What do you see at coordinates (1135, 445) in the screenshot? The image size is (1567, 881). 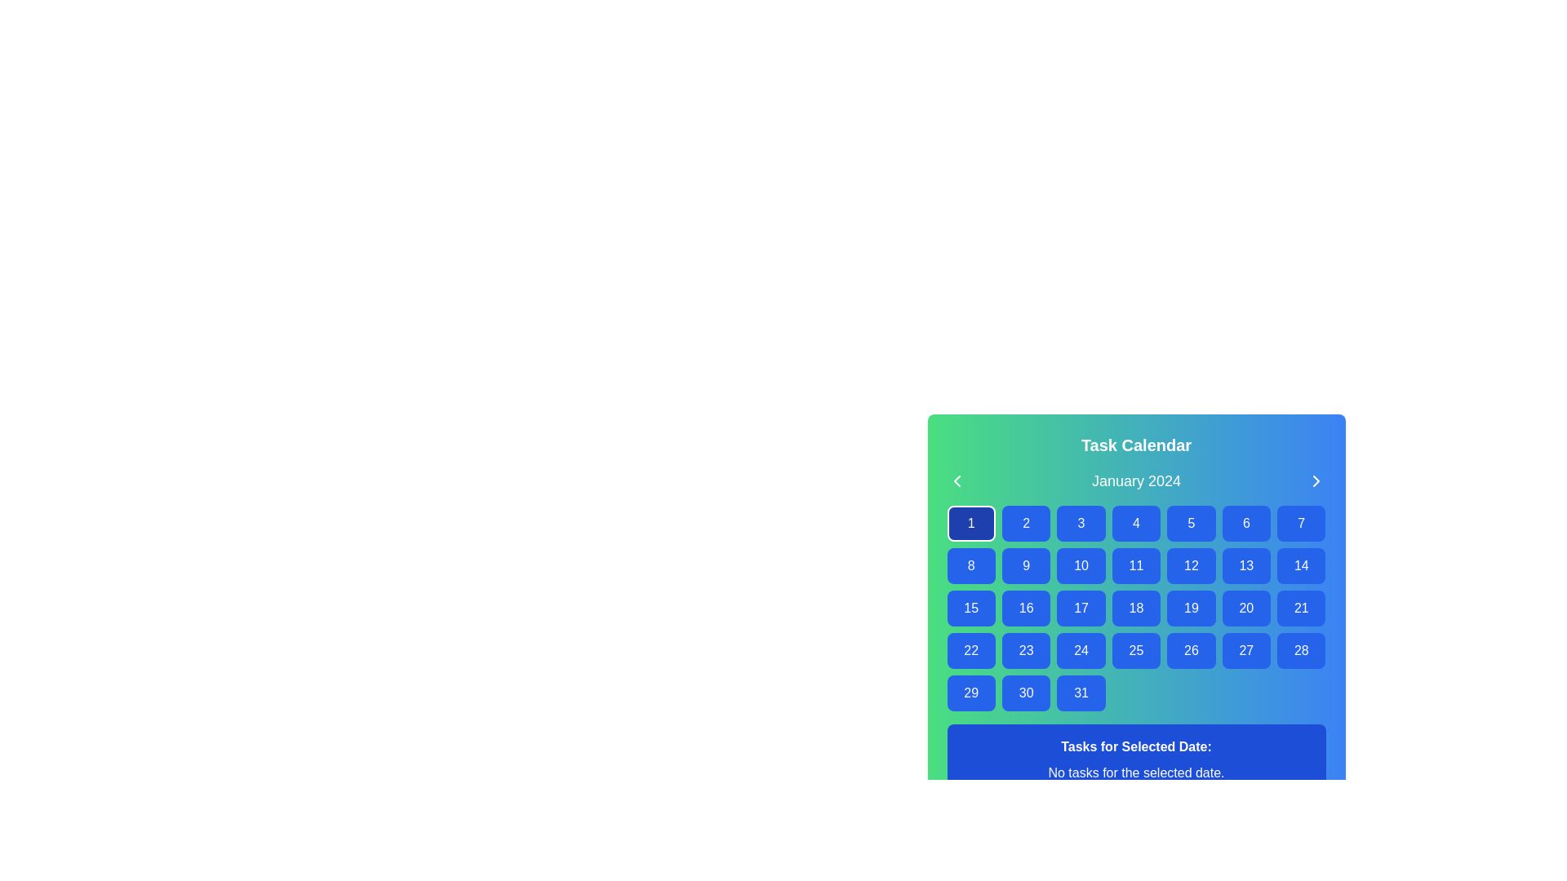 I see `the static text header of the calendar widget, which serves as the title providing context to the user about the interface` at bounding box center [1135, 445].